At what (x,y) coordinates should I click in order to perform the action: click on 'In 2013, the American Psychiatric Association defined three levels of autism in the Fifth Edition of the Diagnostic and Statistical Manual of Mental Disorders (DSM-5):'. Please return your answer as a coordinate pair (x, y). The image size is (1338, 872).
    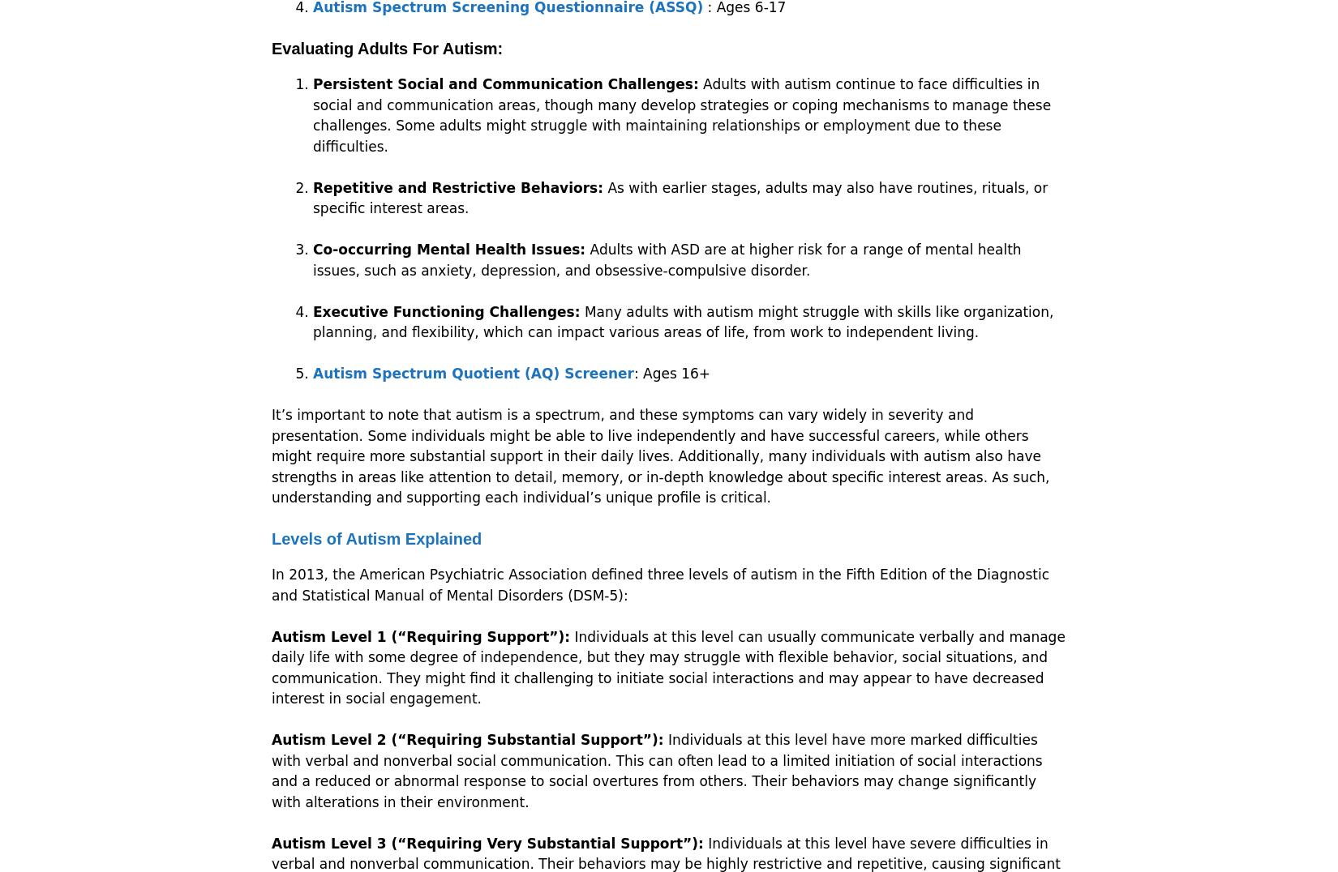
    Looking at the image, I should click on (659, 583).